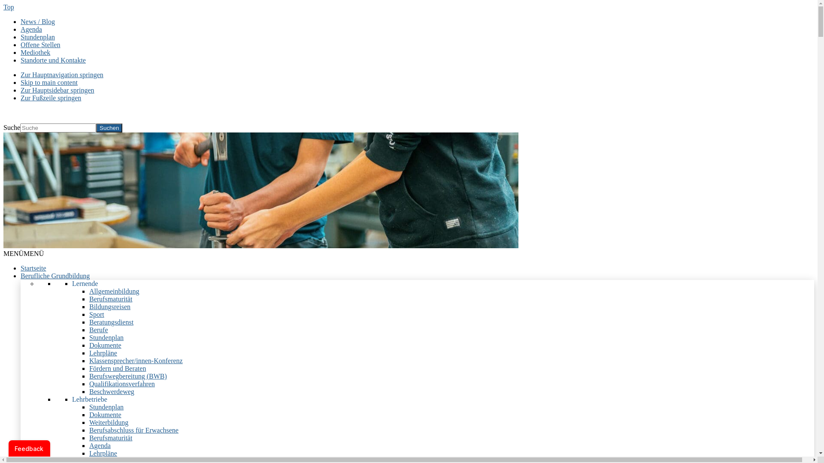 Image resolution: width=824 pixels, height=463 pixels. I want to click on 'Sport', so click(97, 314).